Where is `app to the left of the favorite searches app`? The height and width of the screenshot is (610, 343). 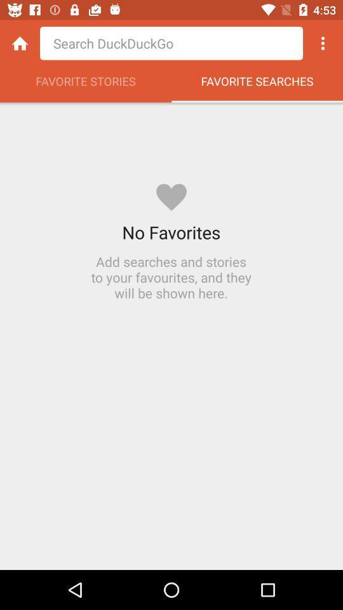
app to the left of the favorite searches app is located at coordinates (86, 84).